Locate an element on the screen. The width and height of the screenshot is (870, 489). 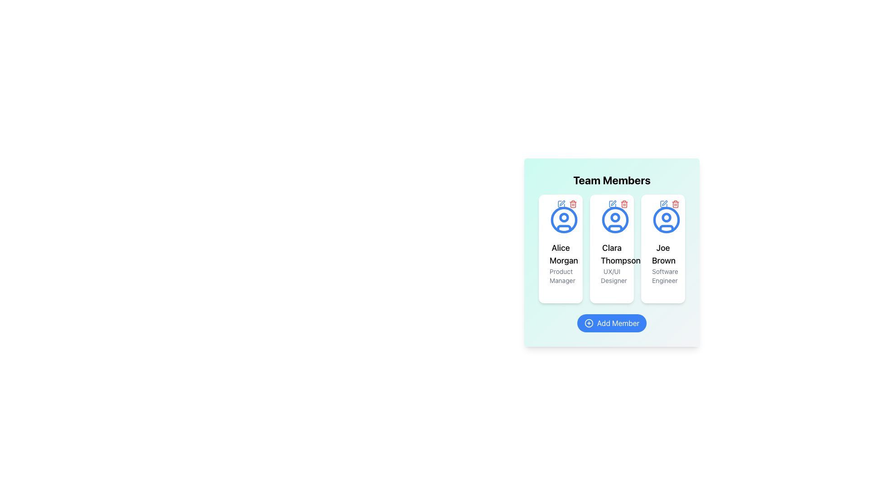
the blue user profile icon representing 'Alice Morgan' is located at coordinates (563, 220).